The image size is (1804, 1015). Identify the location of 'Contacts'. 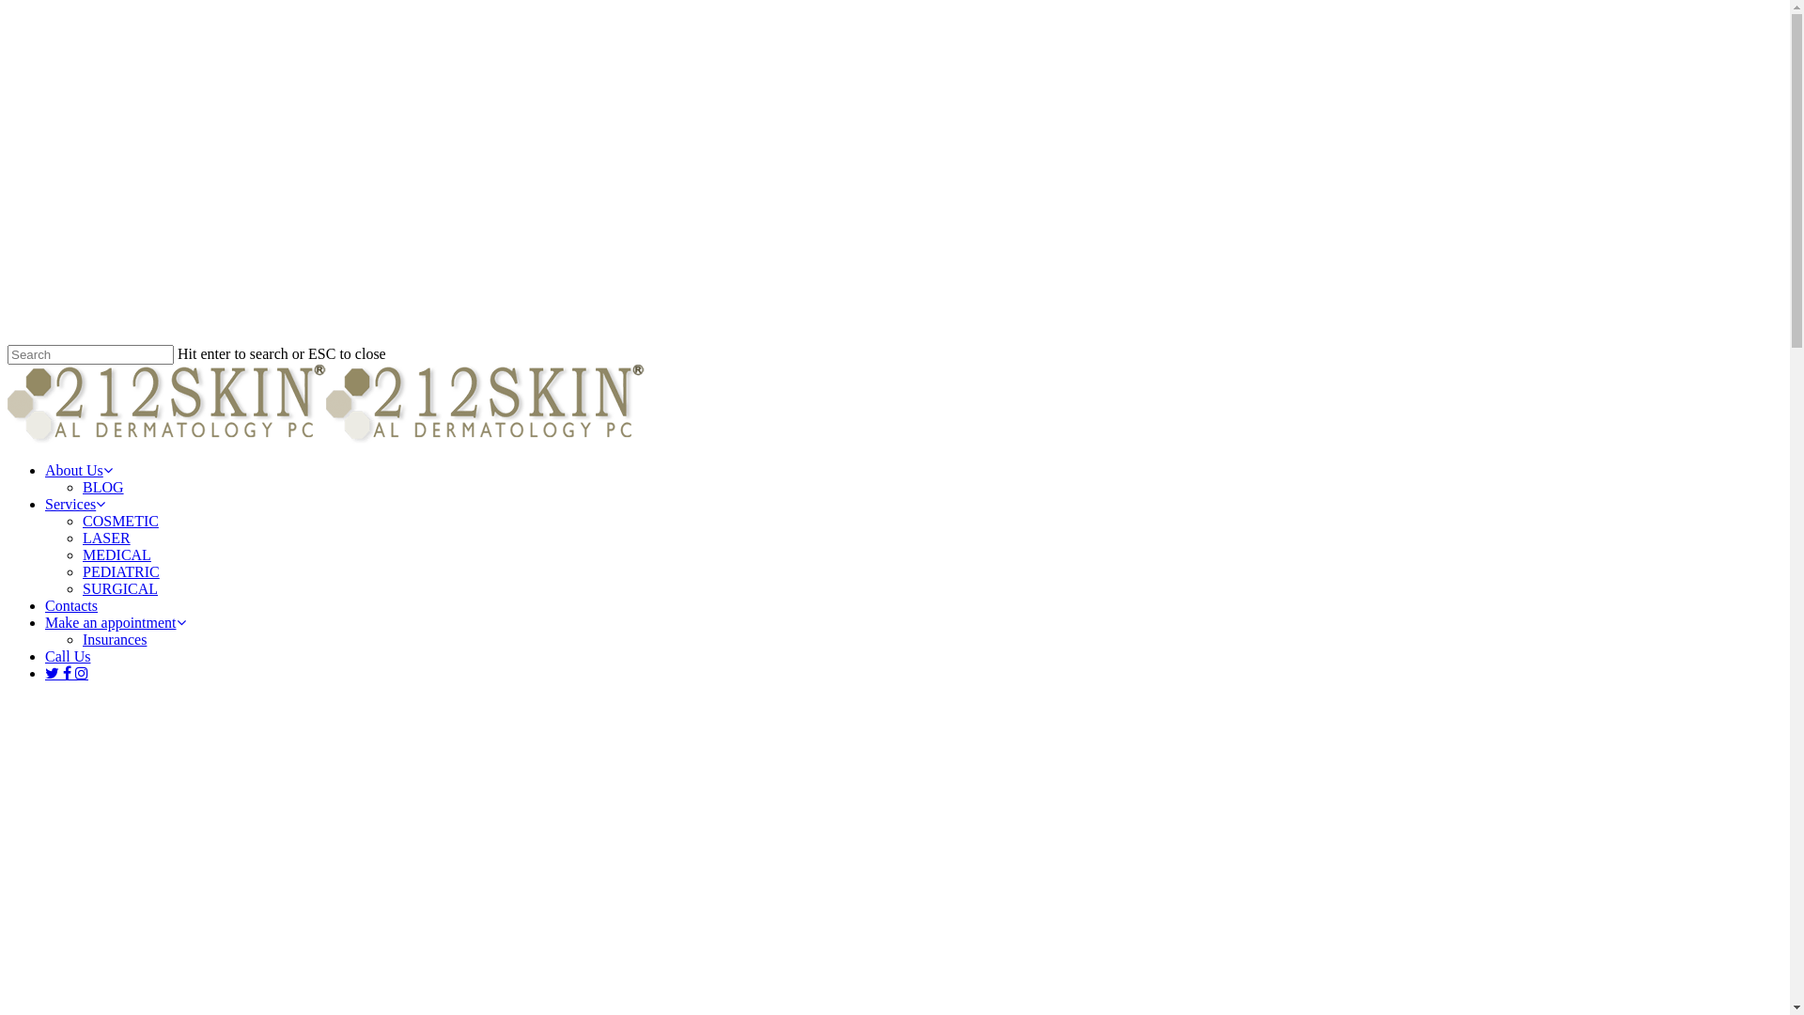
(71, 605).